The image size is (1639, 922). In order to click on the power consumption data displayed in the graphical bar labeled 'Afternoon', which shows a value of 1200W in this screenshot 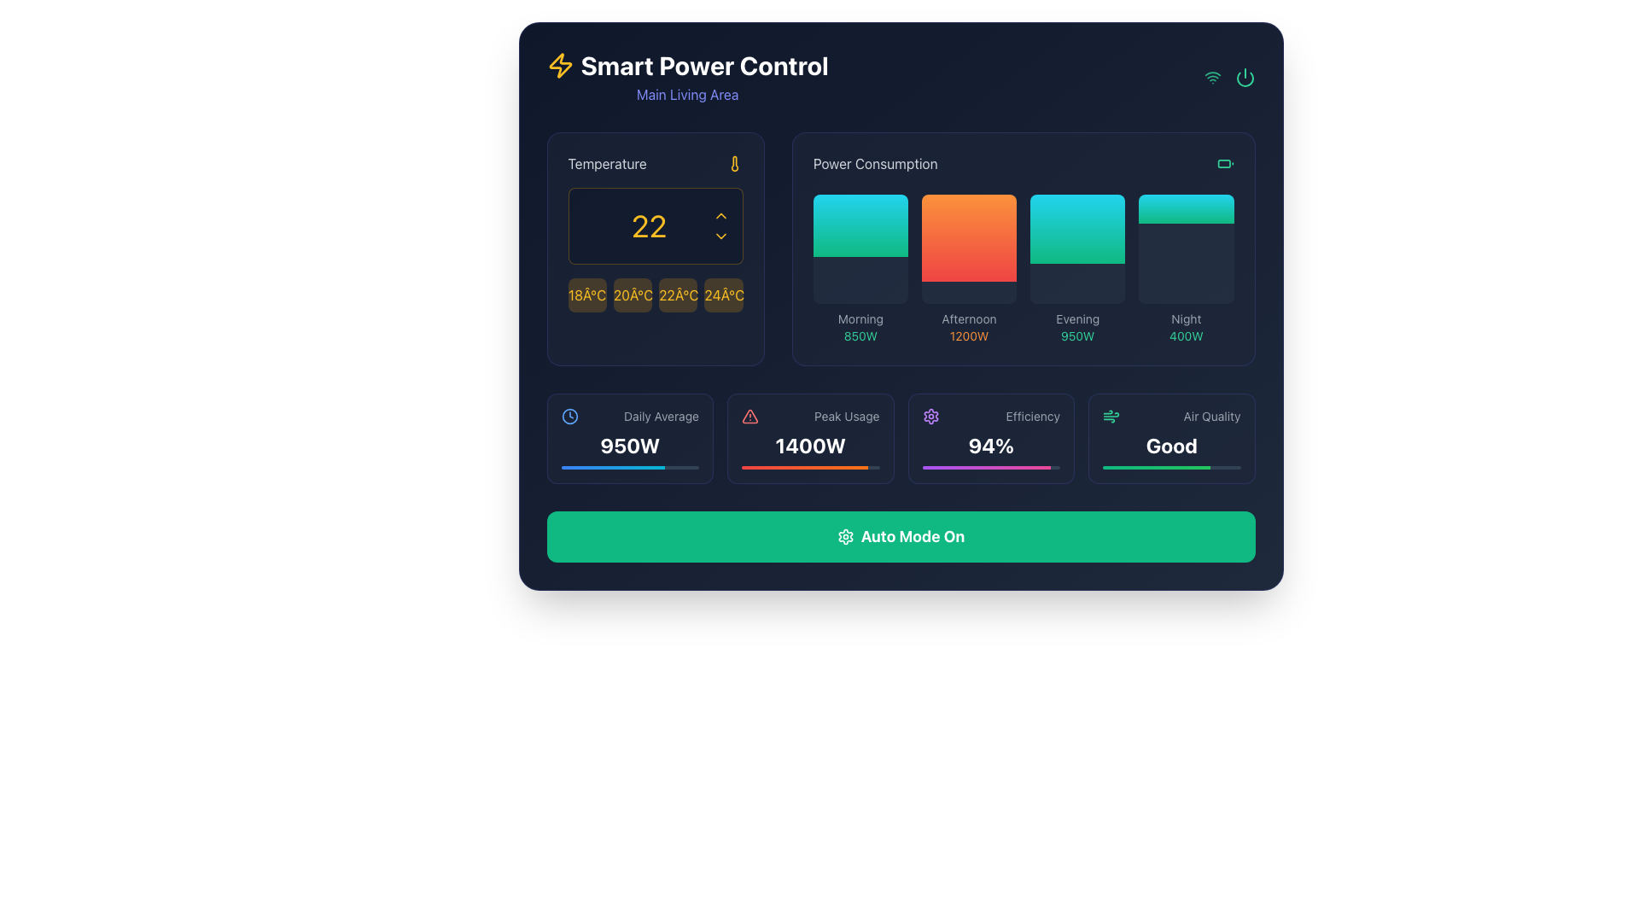, I will do `click(1024, 269)`.